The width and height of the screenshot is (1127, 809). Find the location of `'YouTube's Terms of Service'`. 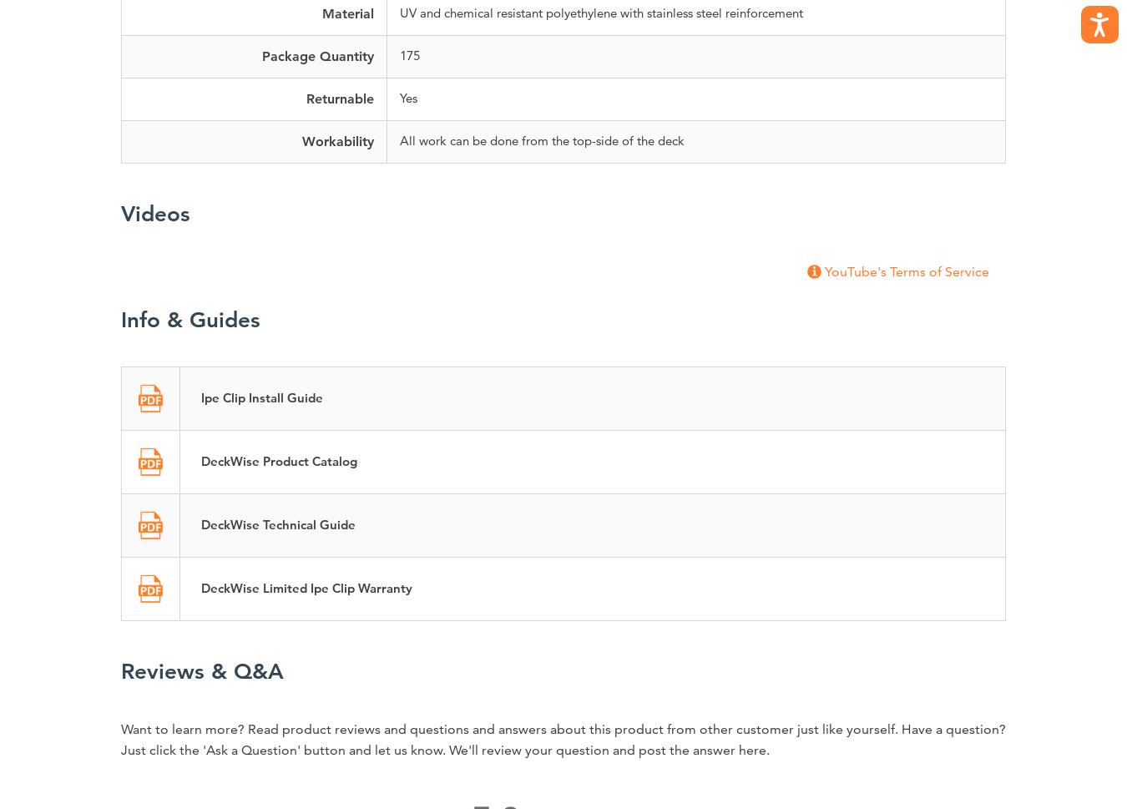

'YouTube's Terms of Service' is located at coordinates (907, 270).